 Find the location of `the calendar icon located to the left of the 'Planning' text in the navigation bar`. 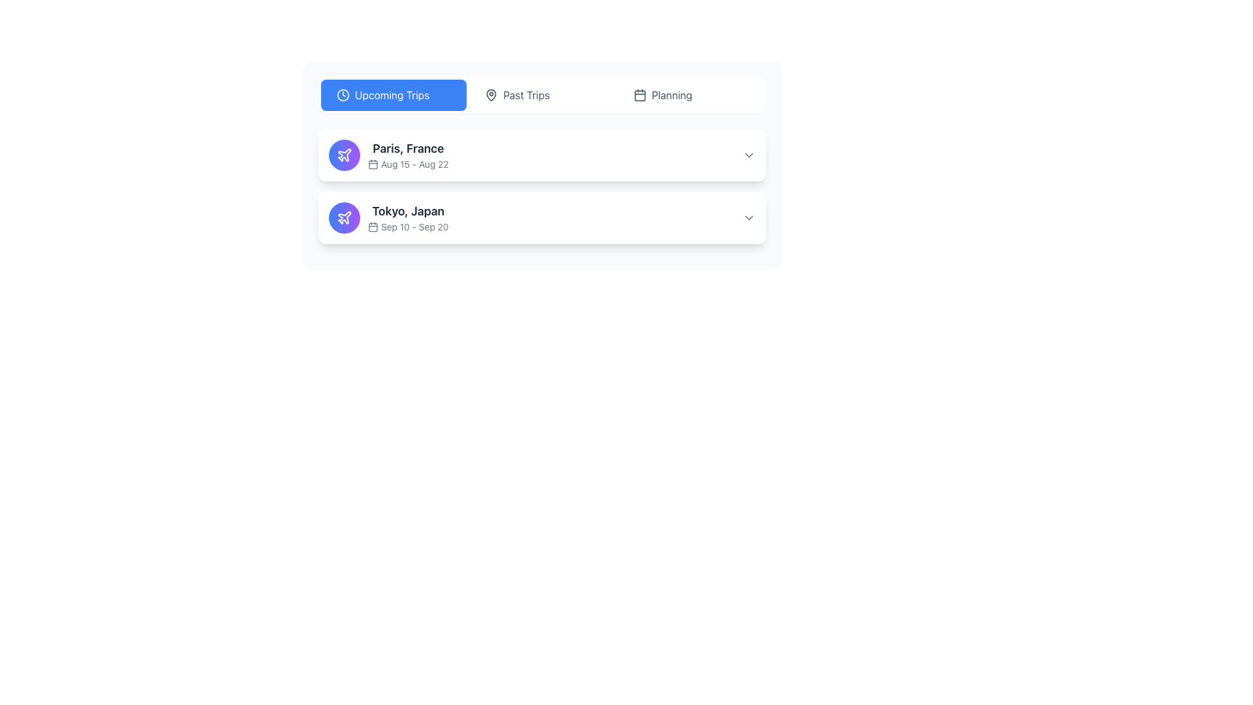

the calendar icon located to the left of the 'Planning' text in the navigation bar is located at coordinates (640, 95).